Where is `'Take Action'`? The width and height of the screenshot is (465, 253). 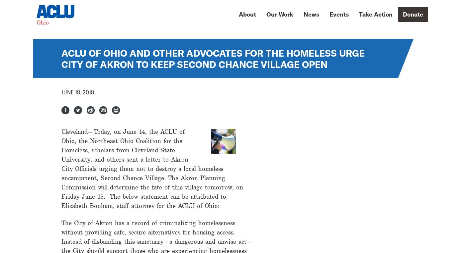
'Take Action' is located at coordinates (376, 14).